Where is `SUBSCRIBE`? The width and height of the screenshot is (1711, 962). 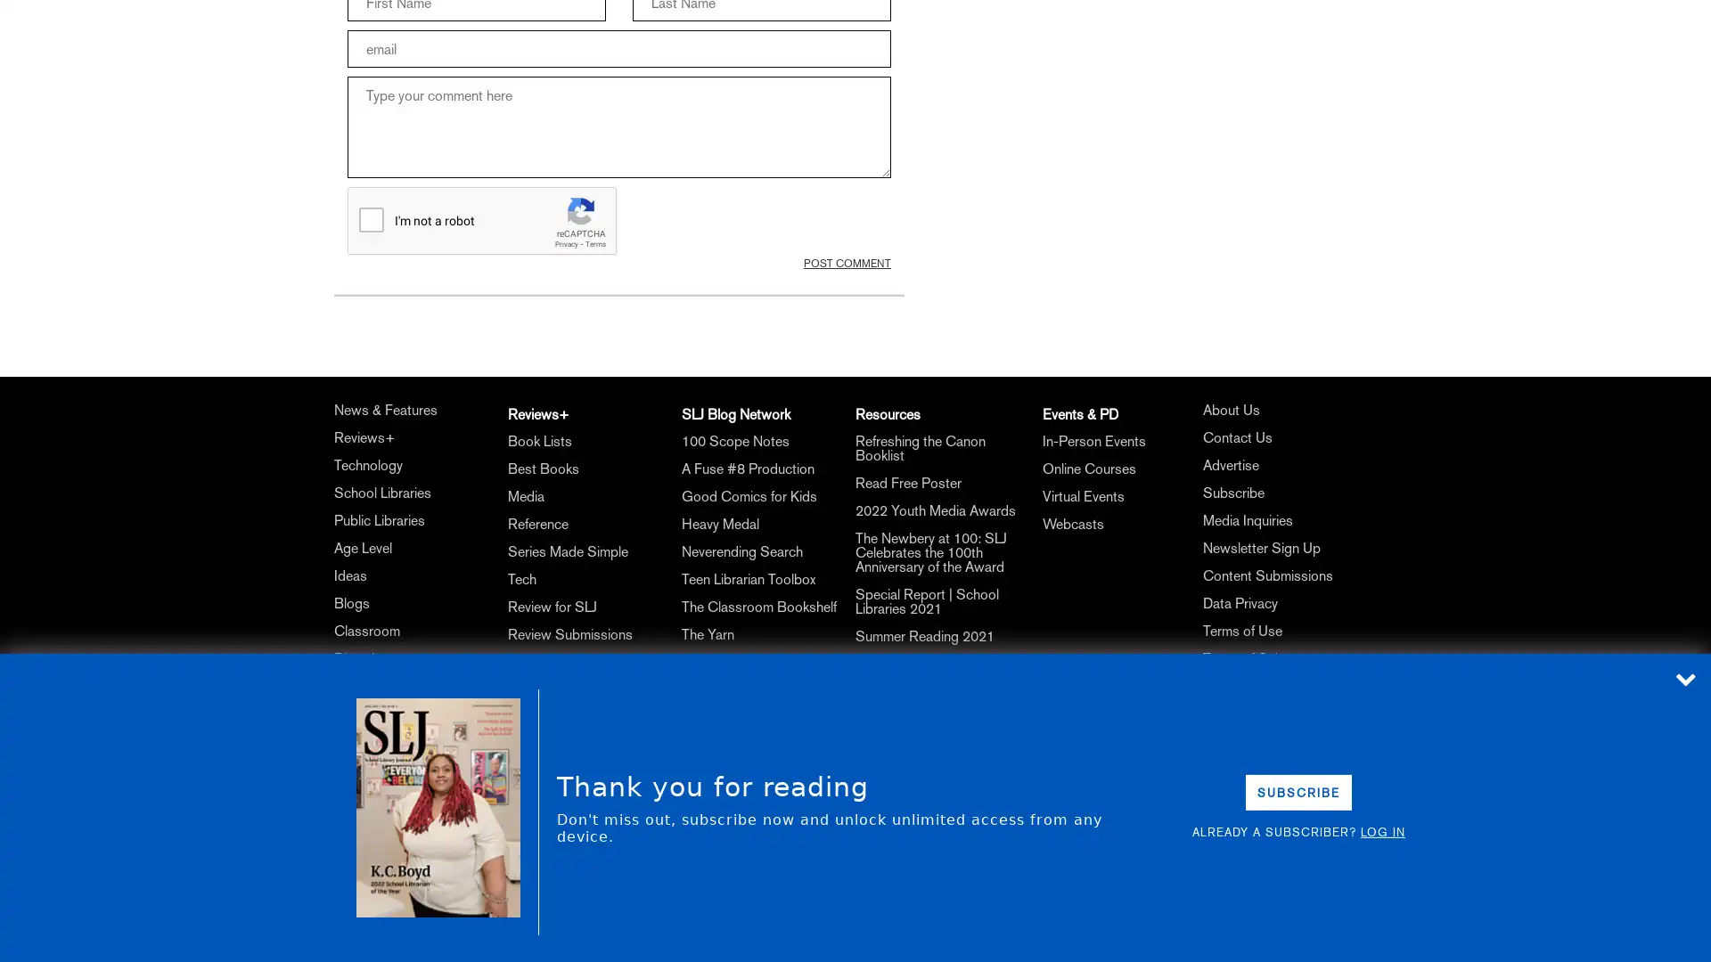 SUBSCRIBE is located at coordinates (1298, 790).